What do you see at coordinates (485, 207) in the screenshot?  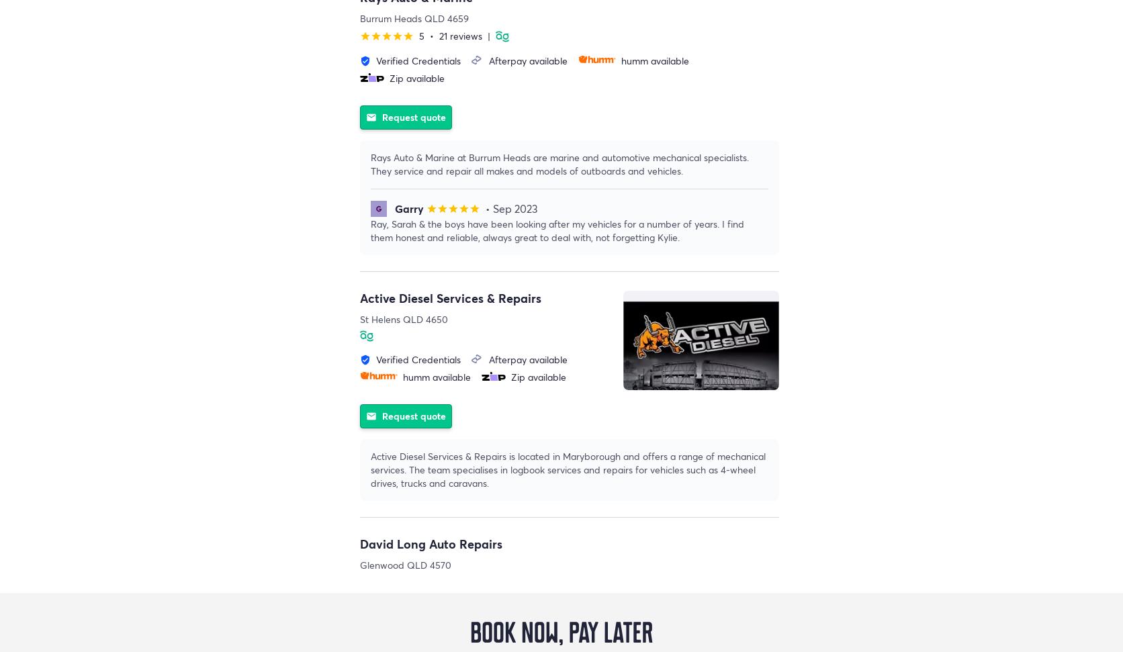 I see `'• Sep 2023'` at bounding box center [485, 207].